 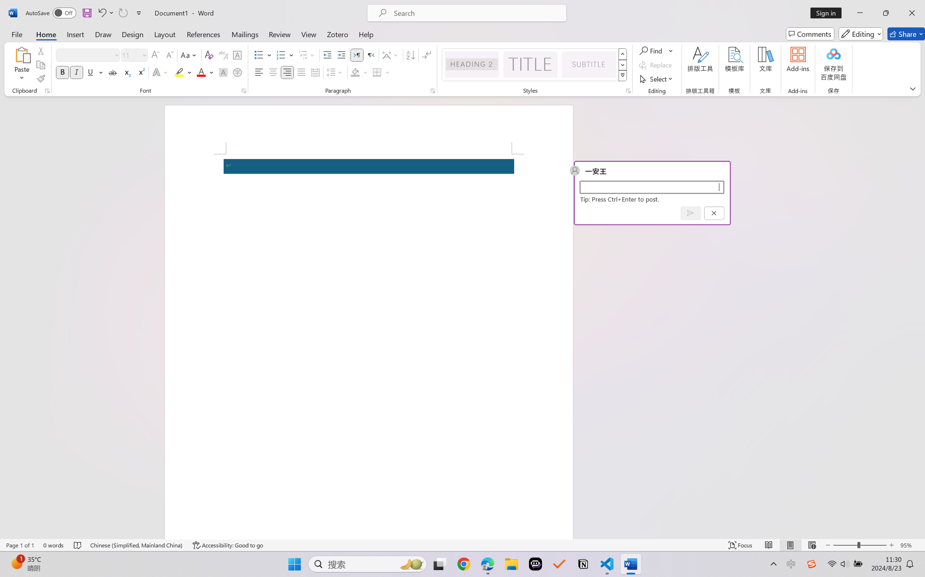 I want to click on 'Sign in', so click(x=829, y=13).